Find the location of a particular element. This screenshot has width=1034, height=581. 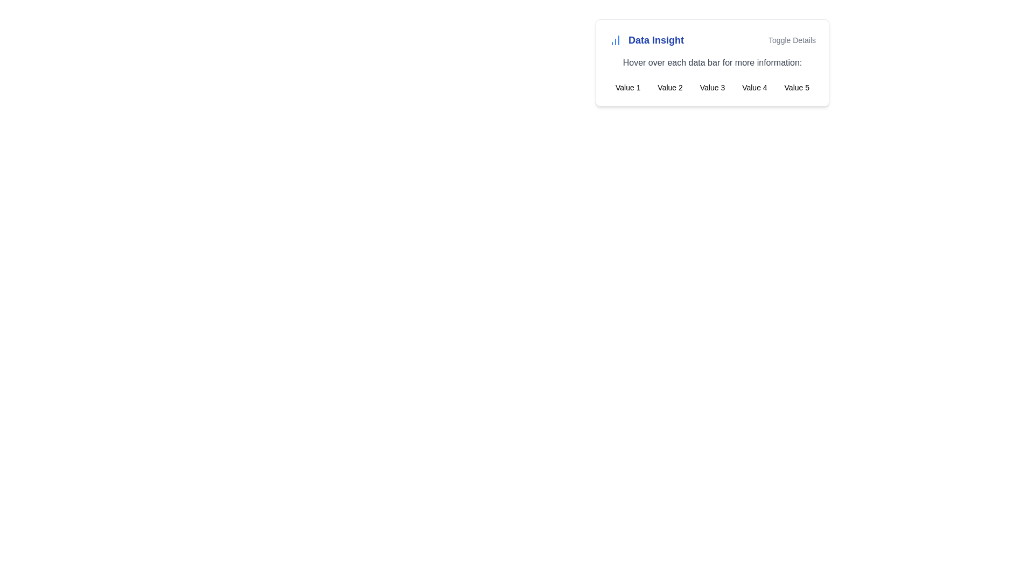

the fourth text label in the 'Data Insight' panel, which is part of a horizontal sequence of values labeled 'Value 1' to 'Value 5' is located at coordinates (754, 87).